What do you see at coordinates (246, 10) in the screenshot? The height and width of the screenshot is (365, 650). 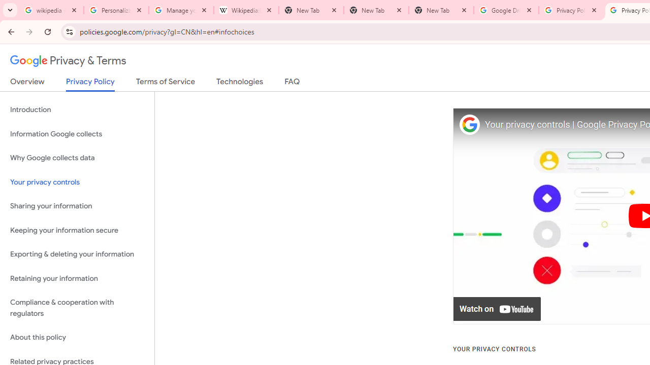 I see `'Wikipedia:Edit requests - Wikipedia'` at bounding box center [246, 10].